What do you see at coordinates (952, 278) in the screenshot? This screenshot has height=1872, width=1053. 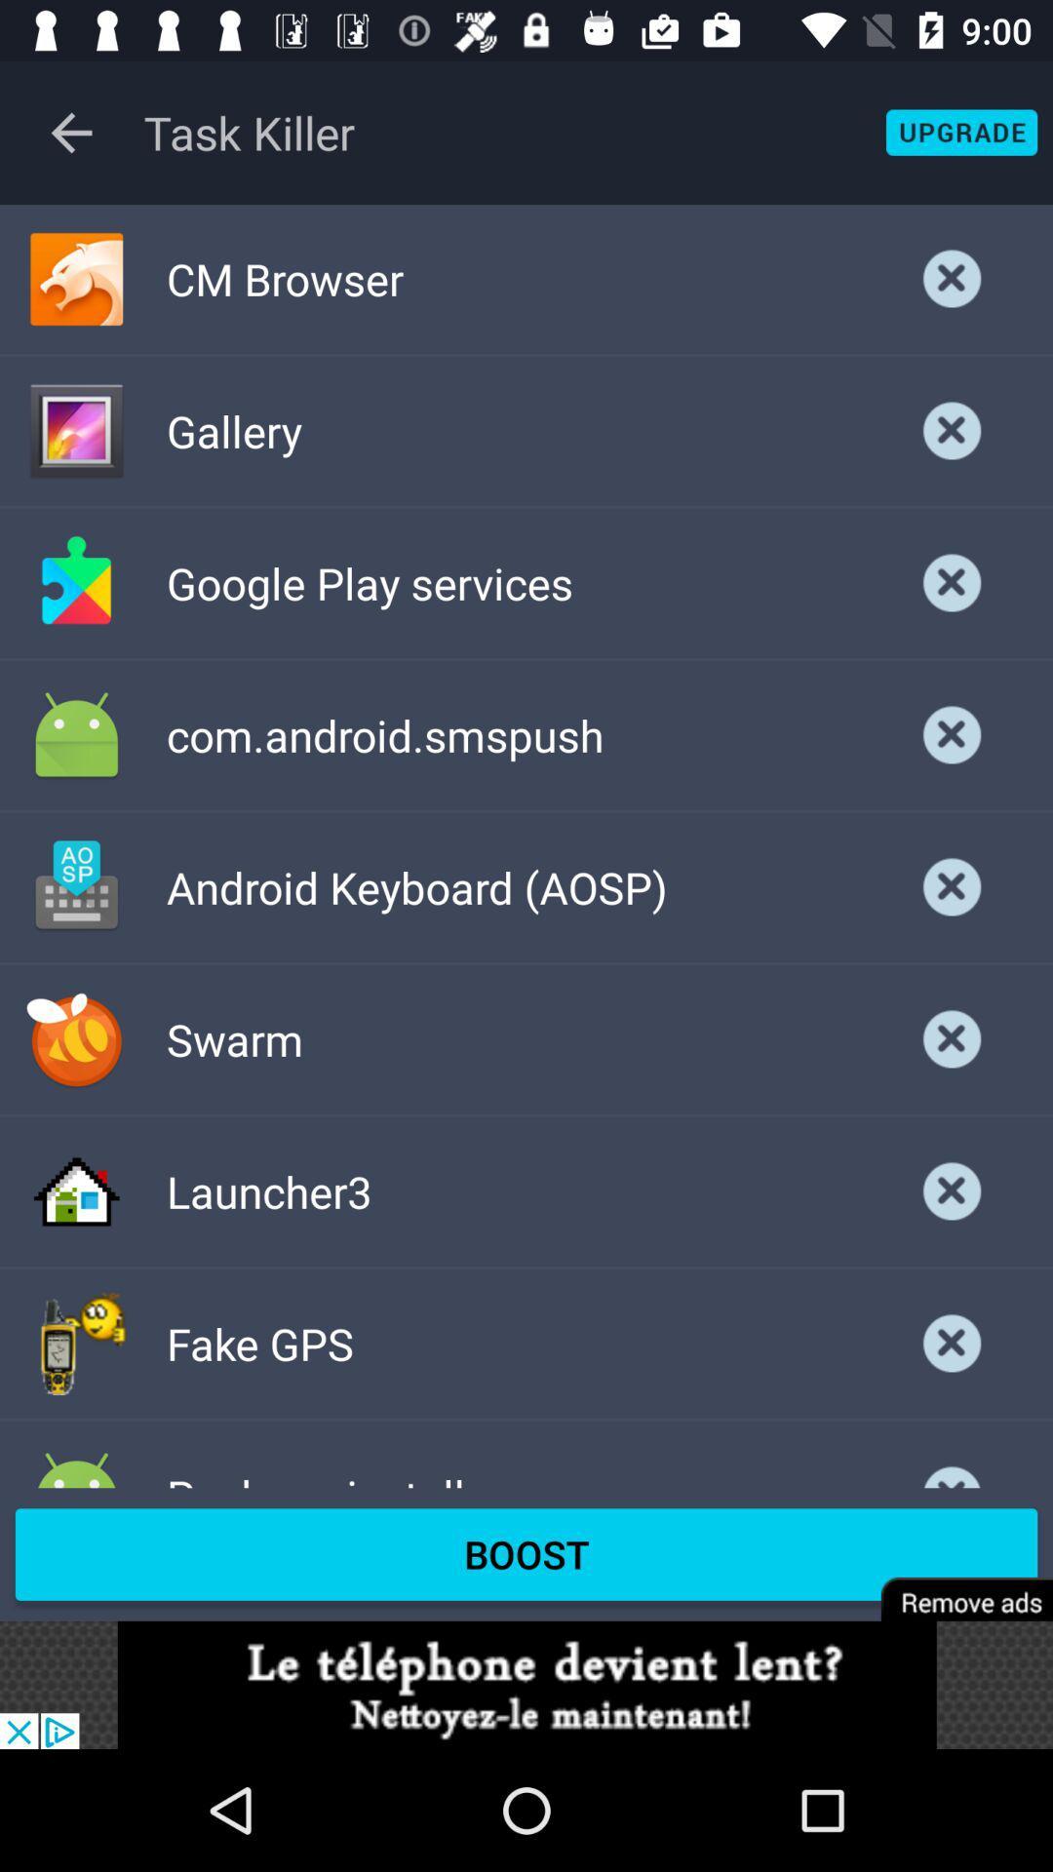 I see `task` at bounding box center [952, 278].